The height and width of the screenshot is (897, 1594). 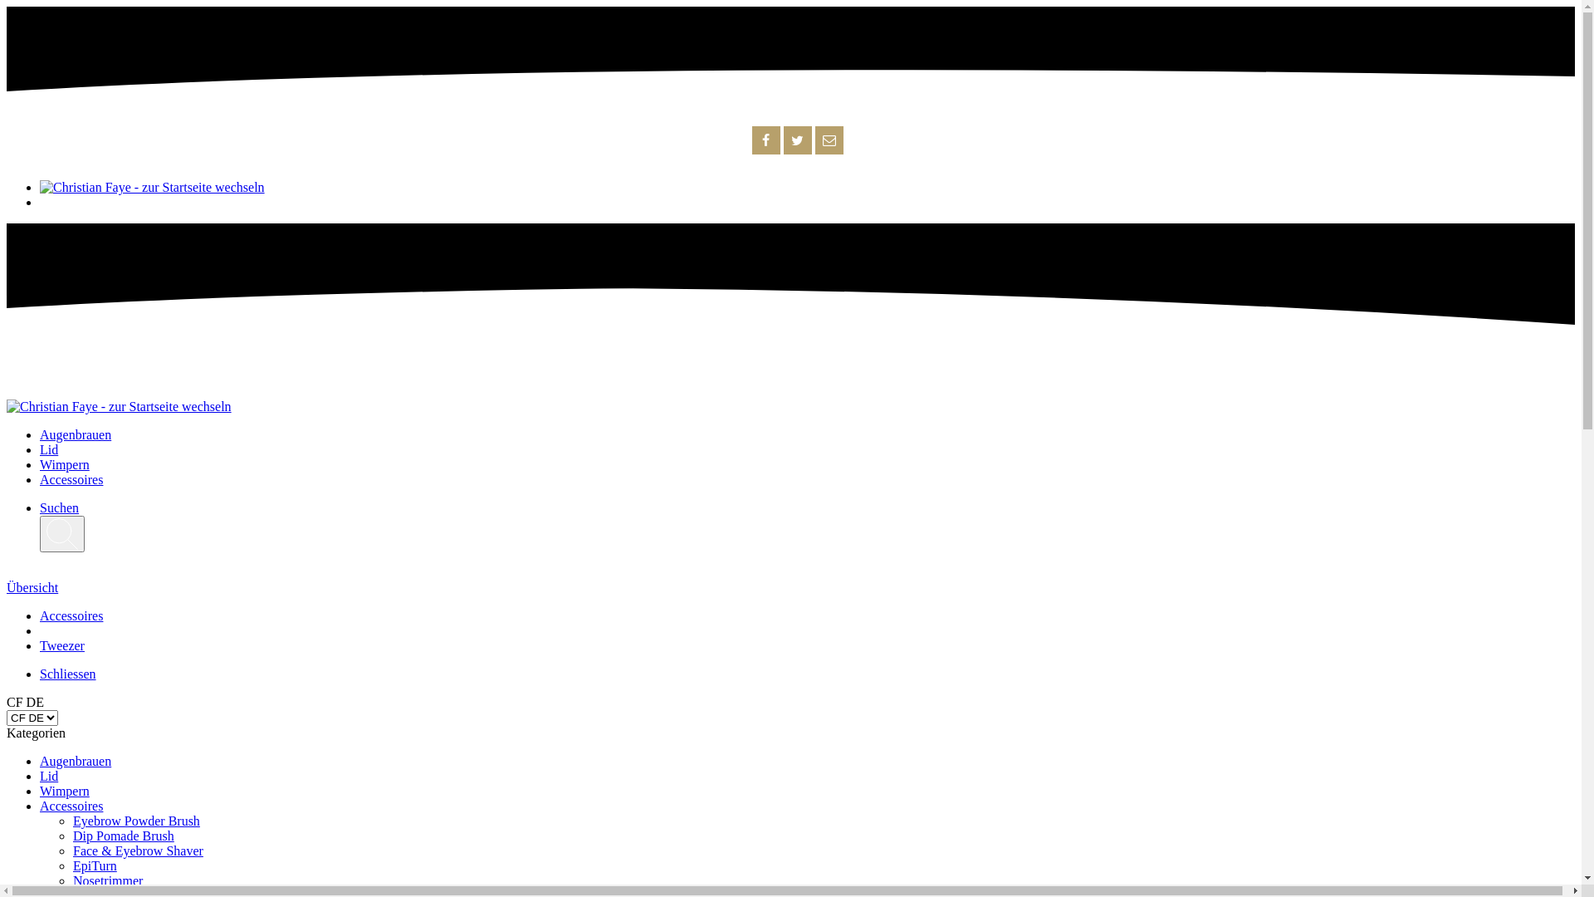 I want to click on 'EpiTurn', so click(x=94, y=865).